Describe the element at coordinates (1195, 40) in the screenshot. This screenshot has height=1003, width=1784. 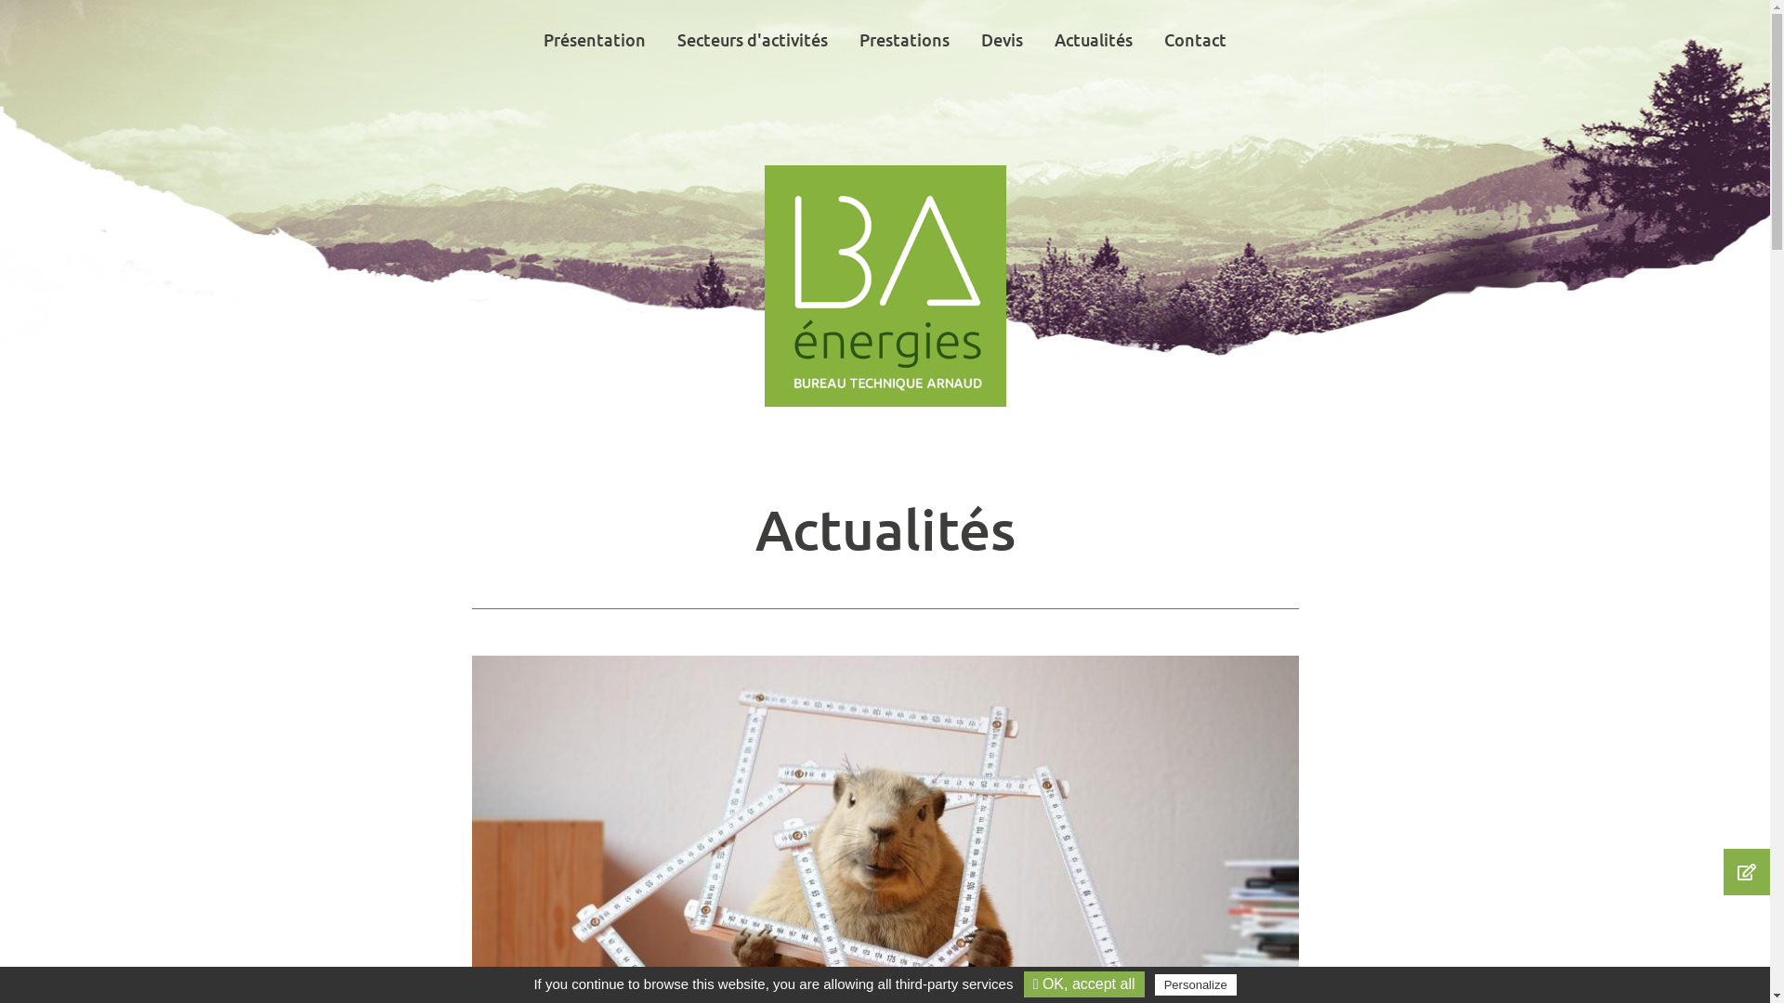
I see `'Contact'` at that location.